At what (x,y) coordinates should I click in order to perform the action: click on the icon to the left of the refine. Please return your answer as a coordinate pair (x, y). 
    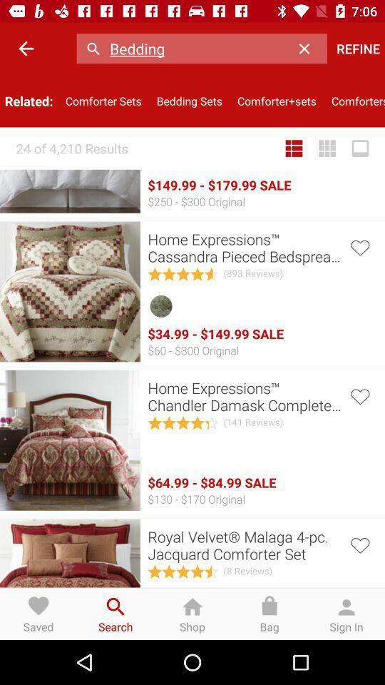
    Looking at the image, I should click on (307, 49).